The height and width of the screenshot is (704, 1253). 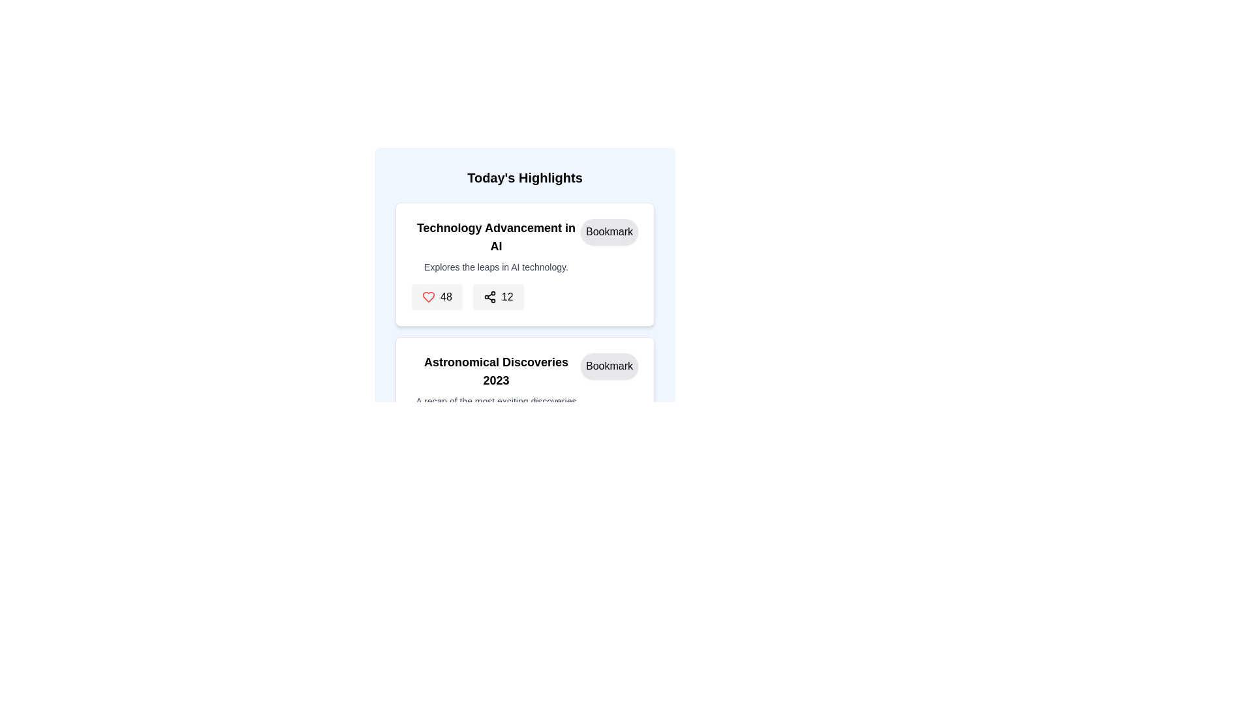 I want to click on the title and subtitle section of the first highlighted card, which includes 'Technology Advancement in AI' and 'Explores the leaps in AI technology.', so click(x=495, y=246).